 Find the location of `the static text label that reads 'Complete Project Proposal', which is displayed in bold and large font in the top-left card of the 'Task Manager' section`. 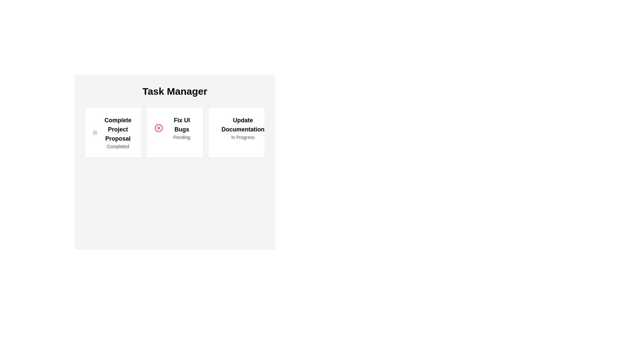

the static text label that reads 'Complete Project Proposal', which is displayed in bold and large font in the top-left card of the 'Task Manager' section is located at coordinates (118, 129).